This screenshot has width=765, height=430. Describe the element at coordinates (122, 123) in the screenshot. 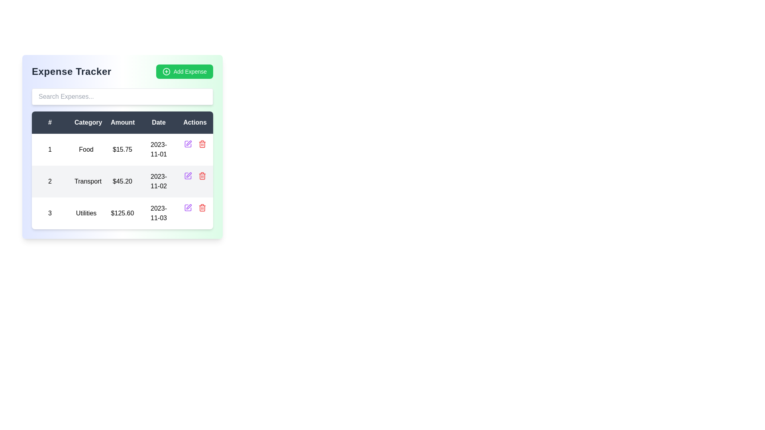

I see `the third column header text label that represents the amounts listed in the corresponding column of the table, located between the 'Category' and 'Date' headers` at that location.